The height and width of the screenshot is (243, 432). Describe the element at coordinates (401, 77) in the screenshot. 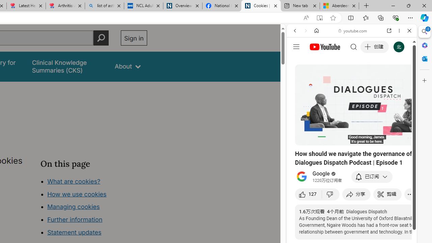

I see `'Preferences'` at that location.